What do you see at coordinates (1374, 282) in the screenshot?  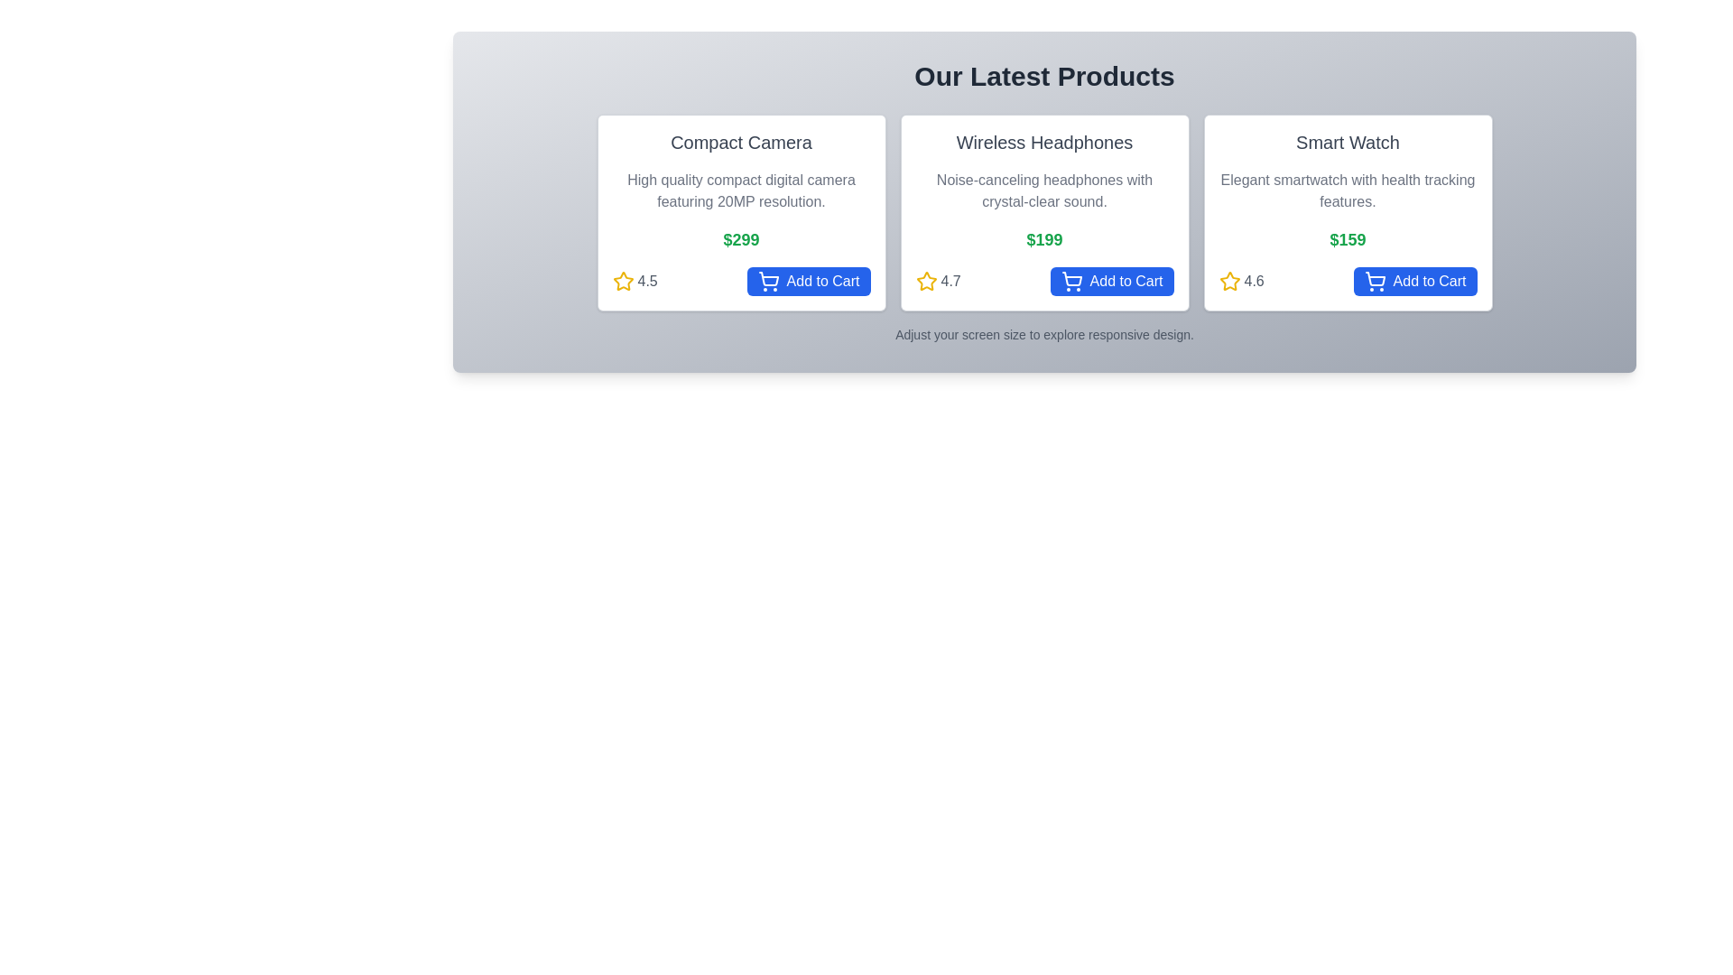 I see `the cart icon located in the second card under the 'Add to Cart' label of the 'Smart Watch' product card, which is the rightmost card in the horizontal row of product cards` at bounding box center [1374, 282].